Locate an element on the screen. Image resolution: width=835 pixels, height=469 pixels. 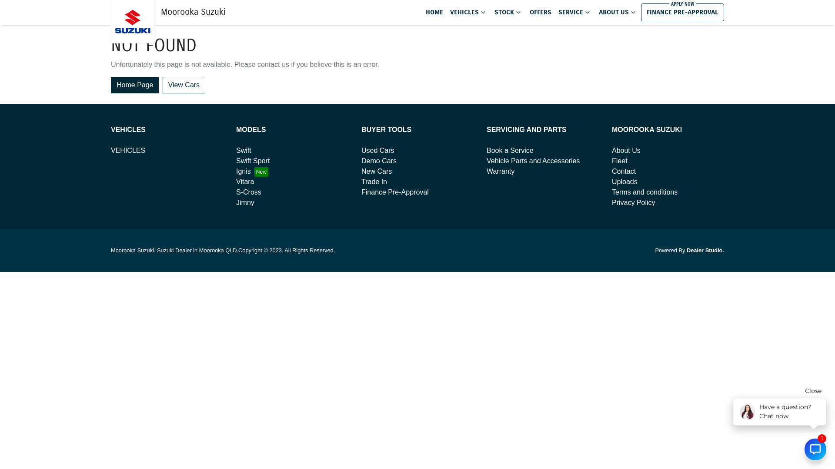
'FINANCE PRE-APPROVAL' is located at coordinates (682, 12).